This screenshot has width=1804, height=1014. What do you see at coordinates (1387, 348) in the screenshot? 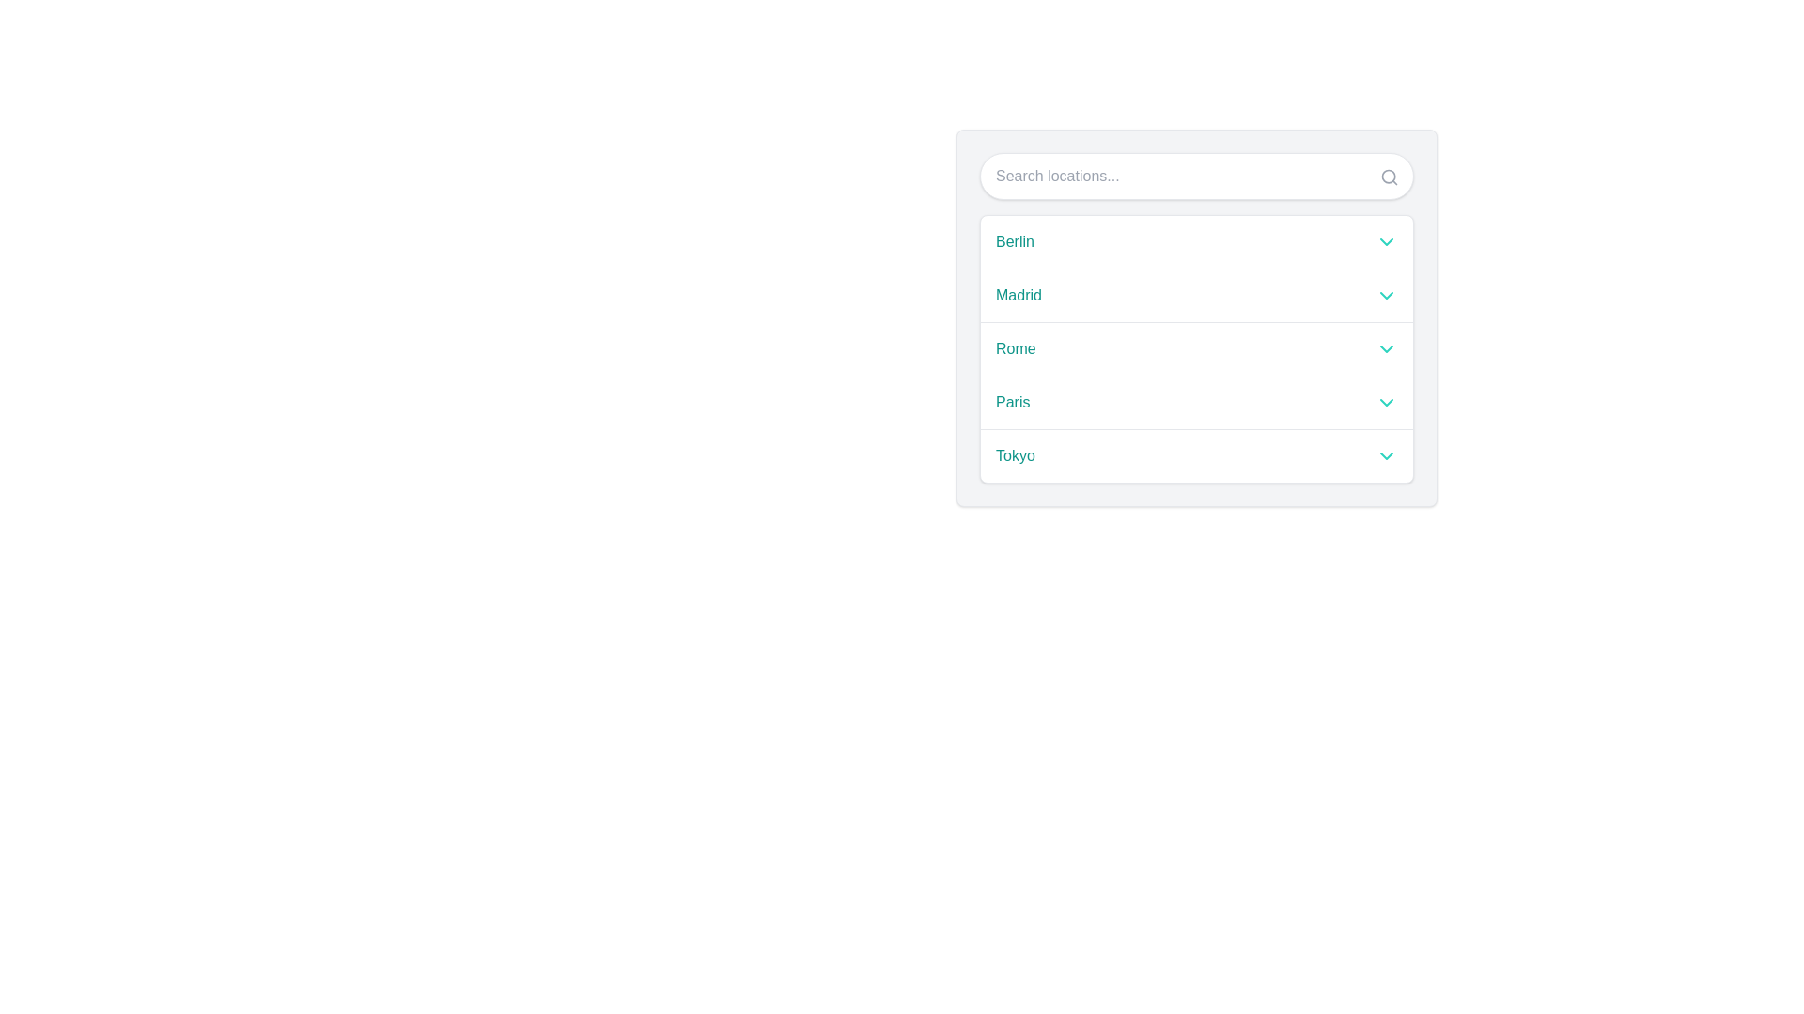
I see `the teal downward-pointing chevron icon located to the right of the text 'Rome'` at bounding box center [1387, 348].